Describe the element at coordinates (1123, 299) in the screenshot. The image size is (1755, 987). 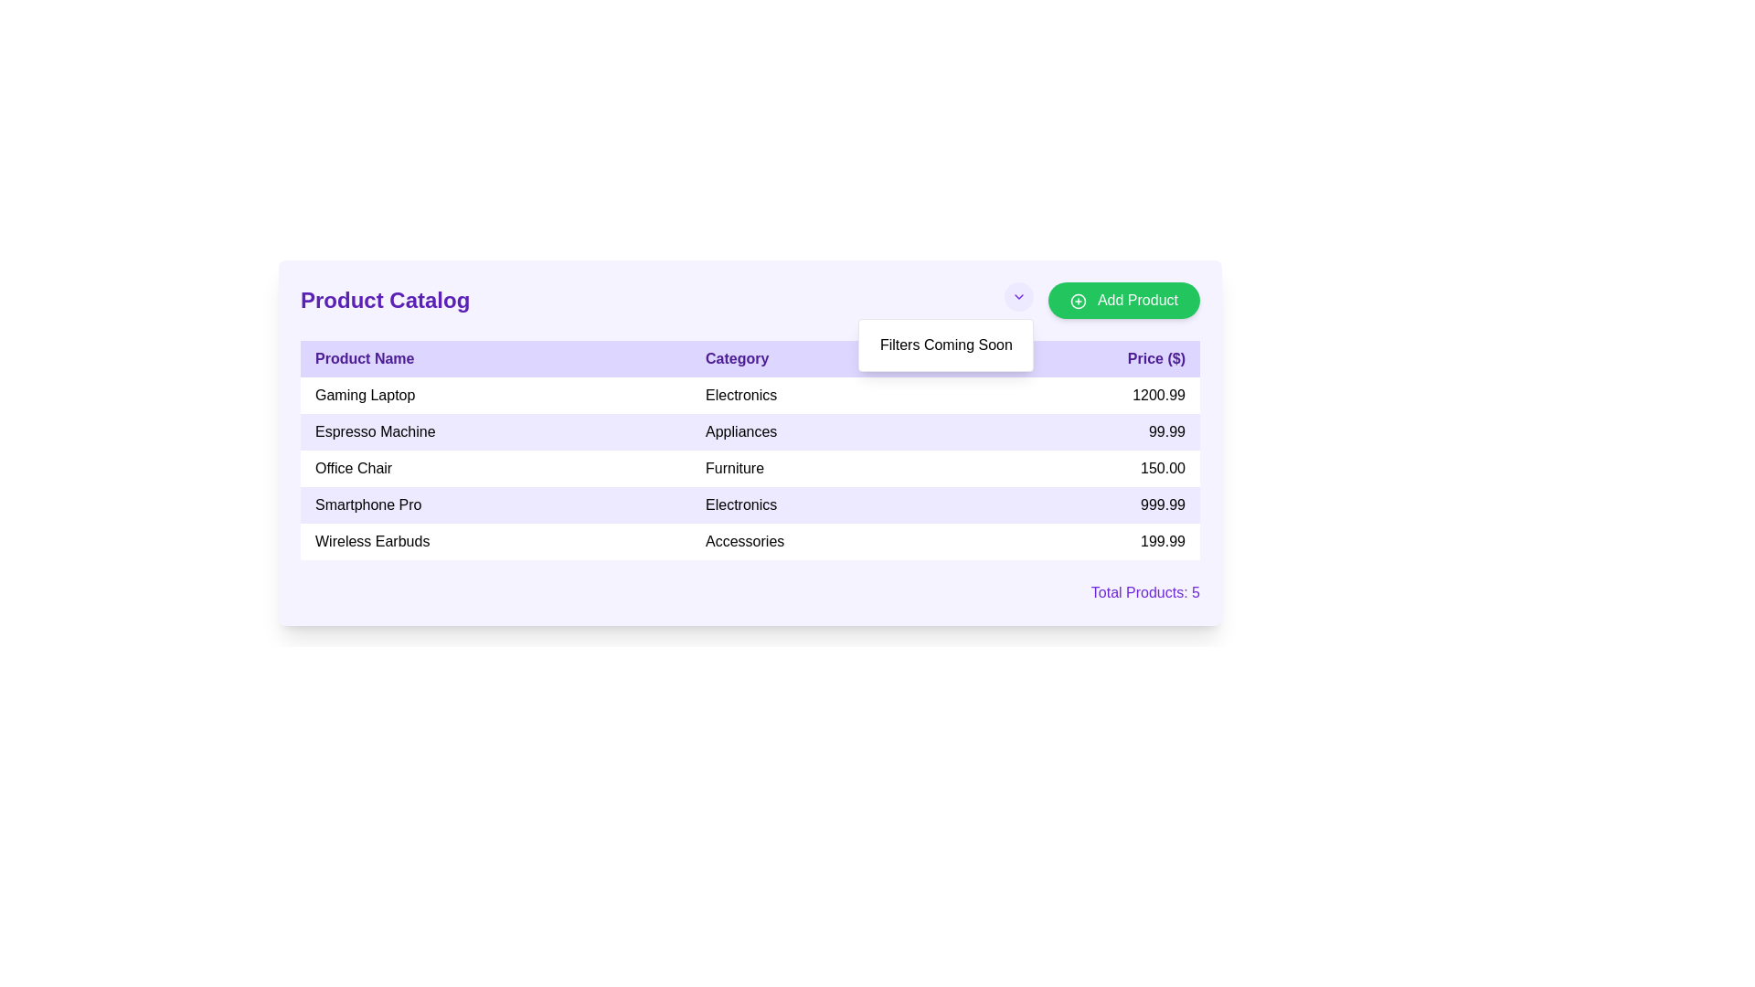
I see `the rounded green 'Add Product' button located at the top-right corner of the interface` at that location.